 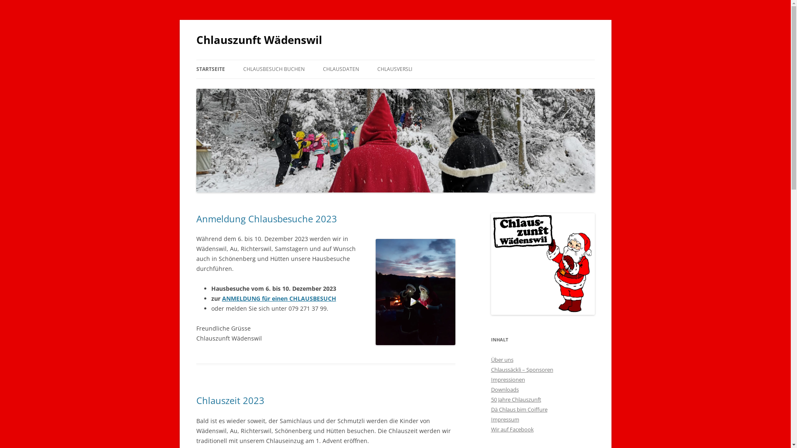 What do you see at coordinates (341, 68) in the screenshot?
I see `'CHLAUSDATEN'` at bounding box center [341, 68].